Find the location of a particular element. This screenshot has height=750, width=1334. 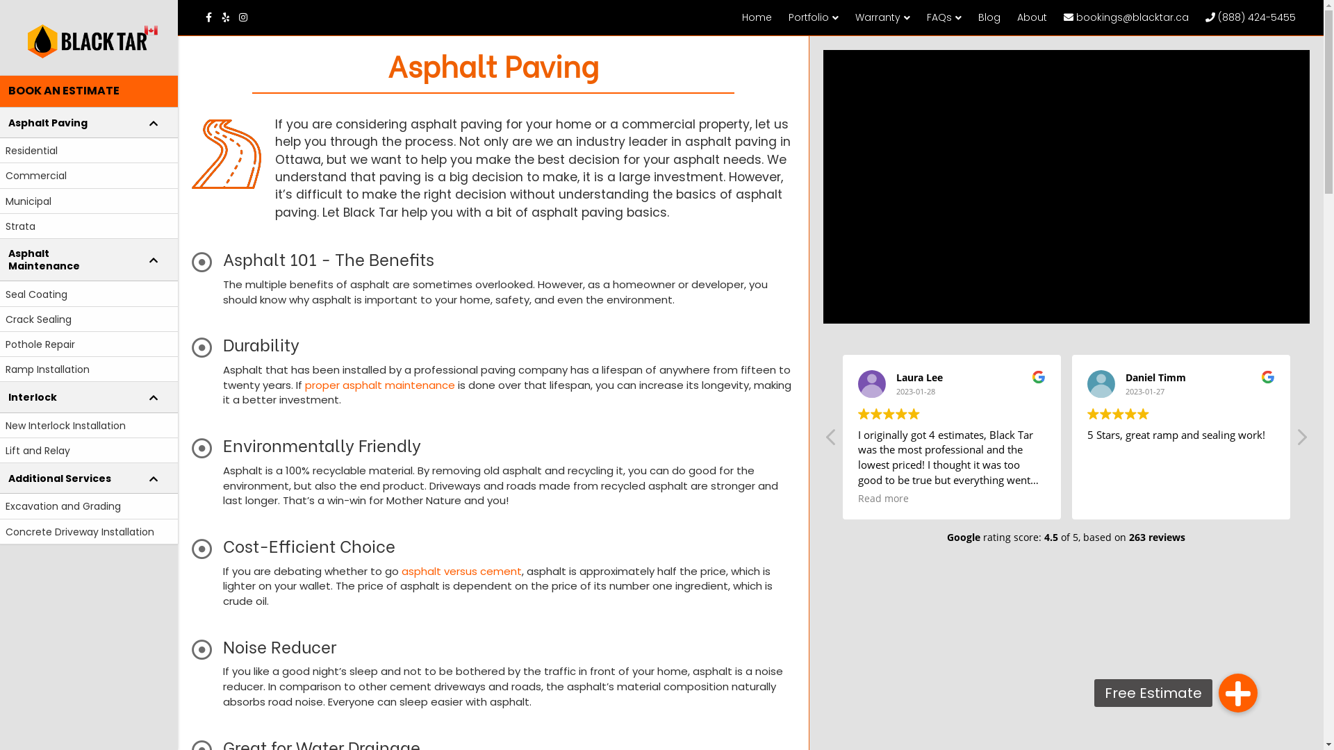

'(888) 424-5455' is located at coordinates (1251, 17).